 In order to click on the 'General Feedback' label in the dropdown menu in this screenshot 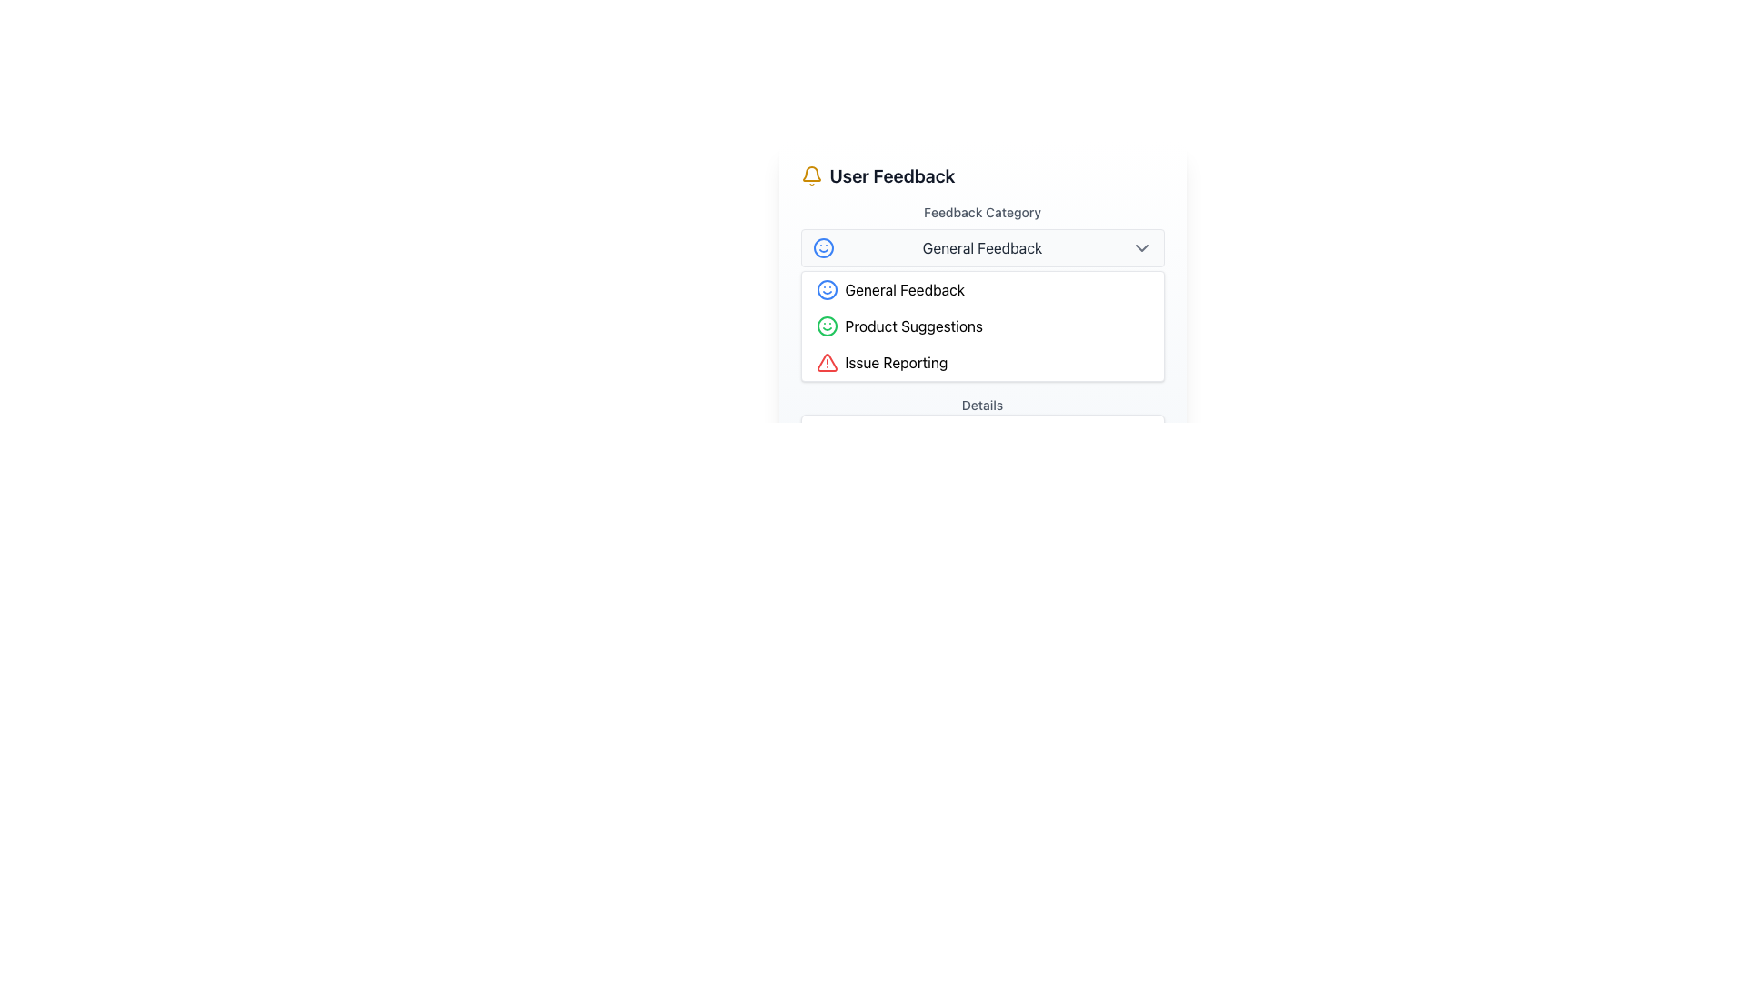, I will do `click(905, 289)`.